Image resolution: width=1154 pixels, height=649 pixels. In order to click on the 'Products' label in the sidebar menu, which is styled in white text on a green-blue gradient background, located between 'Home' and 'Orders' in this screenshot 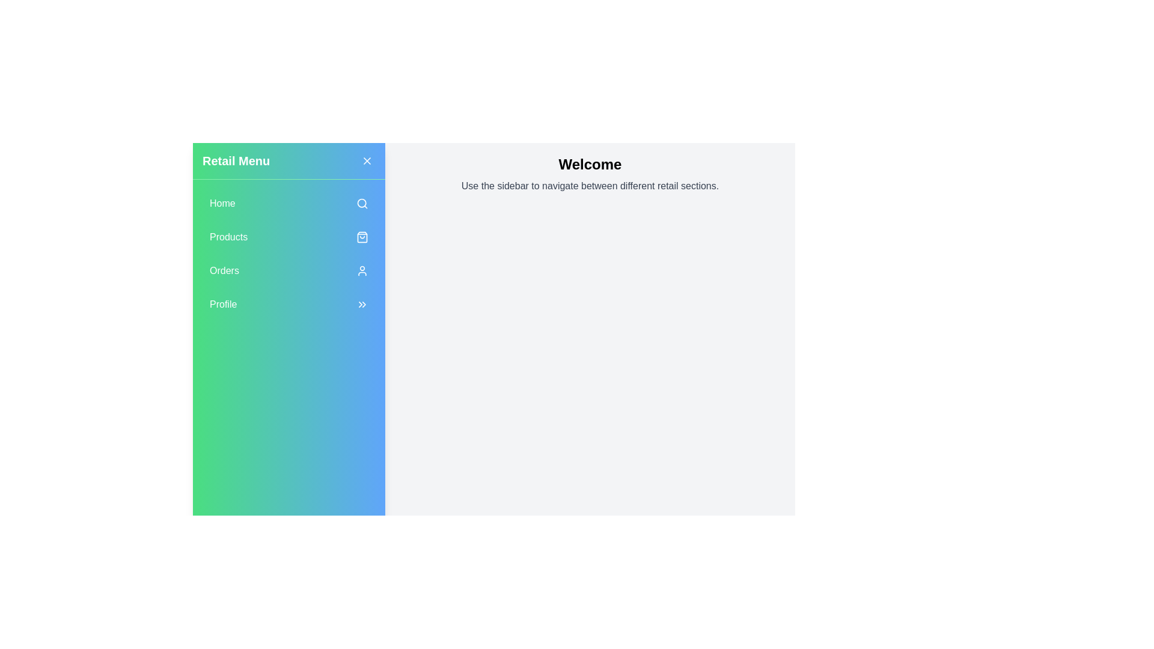, I will do `click(228, 237)`.